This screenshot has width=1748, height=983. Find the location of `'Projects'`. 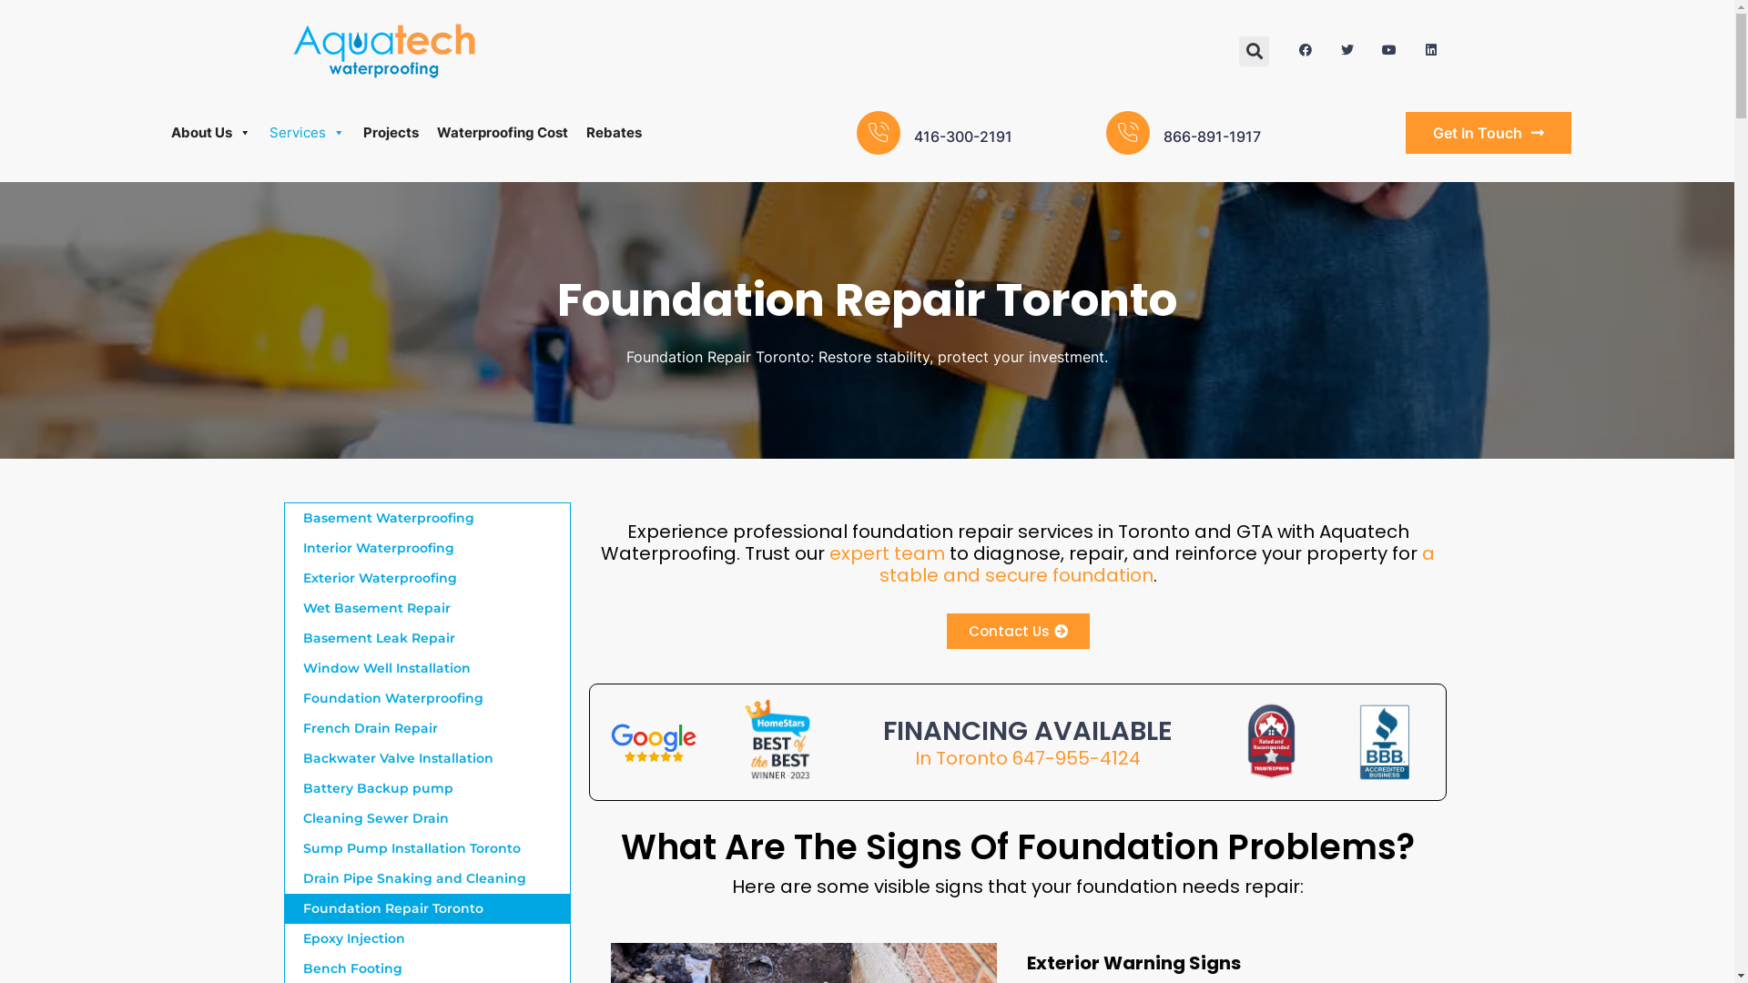

'Projects' is located at coordinates (390, 132).